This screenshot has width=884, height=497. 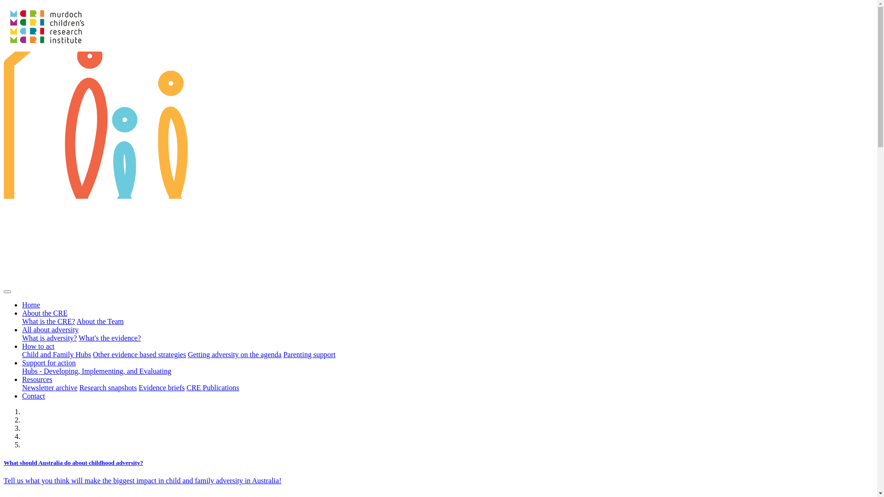 I want to click on 'CRE Publications', so click(x=212, y=387).